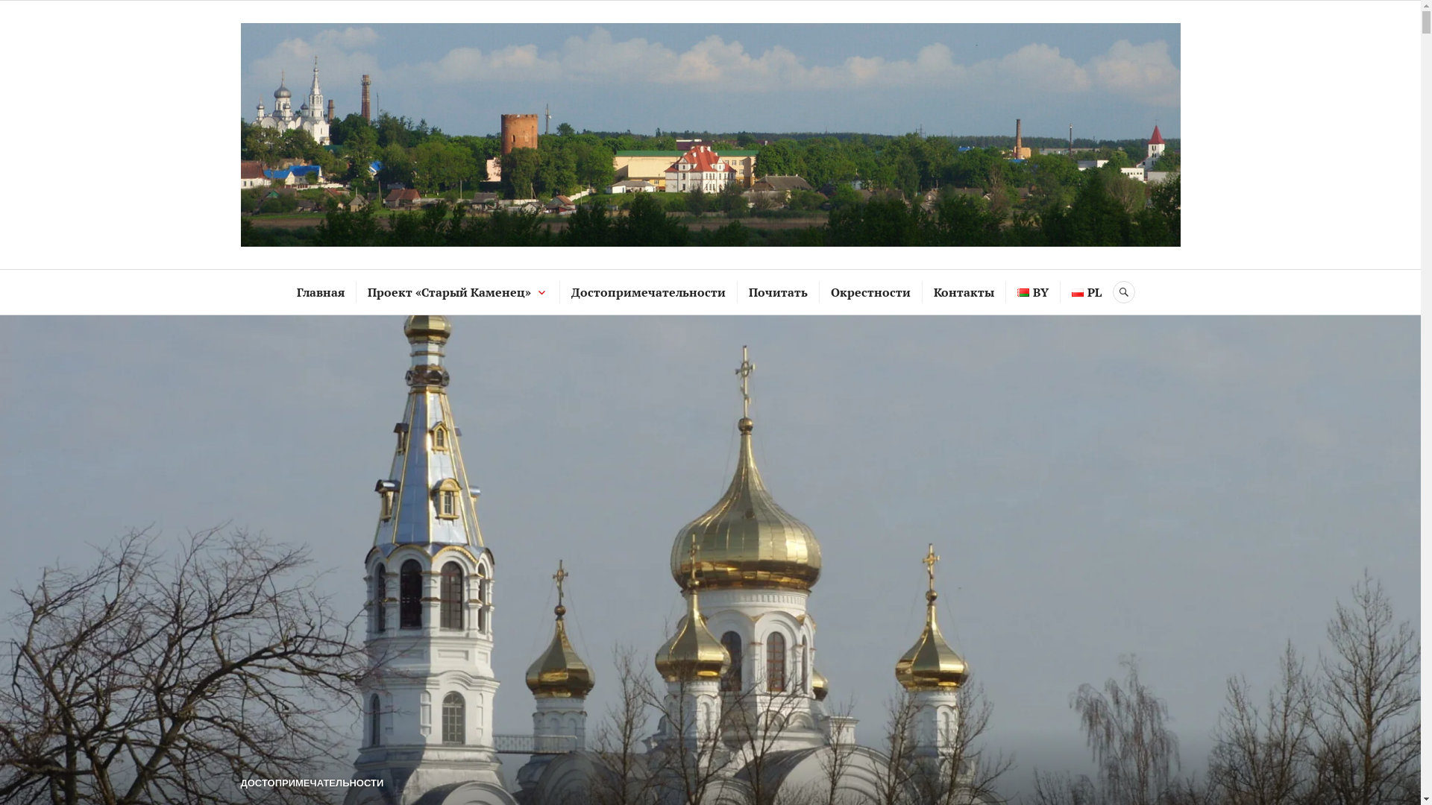  What do you see at coordinates (1087, 292) in the screenshot?
I see `'PL'` at bounding box center [1087, 292].